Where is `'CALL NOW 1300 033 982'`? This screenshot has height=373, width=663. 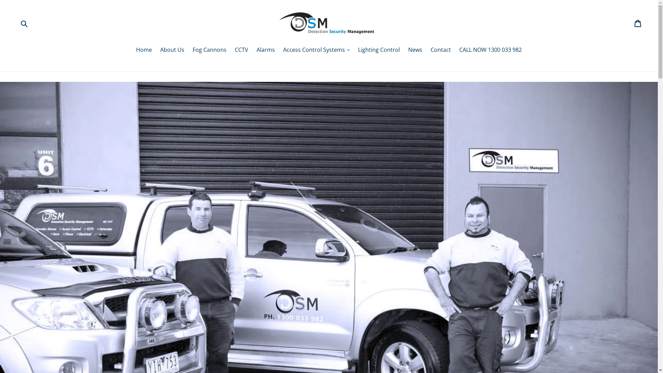
'CALL NOW 1300 033 982' is located at coordinates (490, 50).